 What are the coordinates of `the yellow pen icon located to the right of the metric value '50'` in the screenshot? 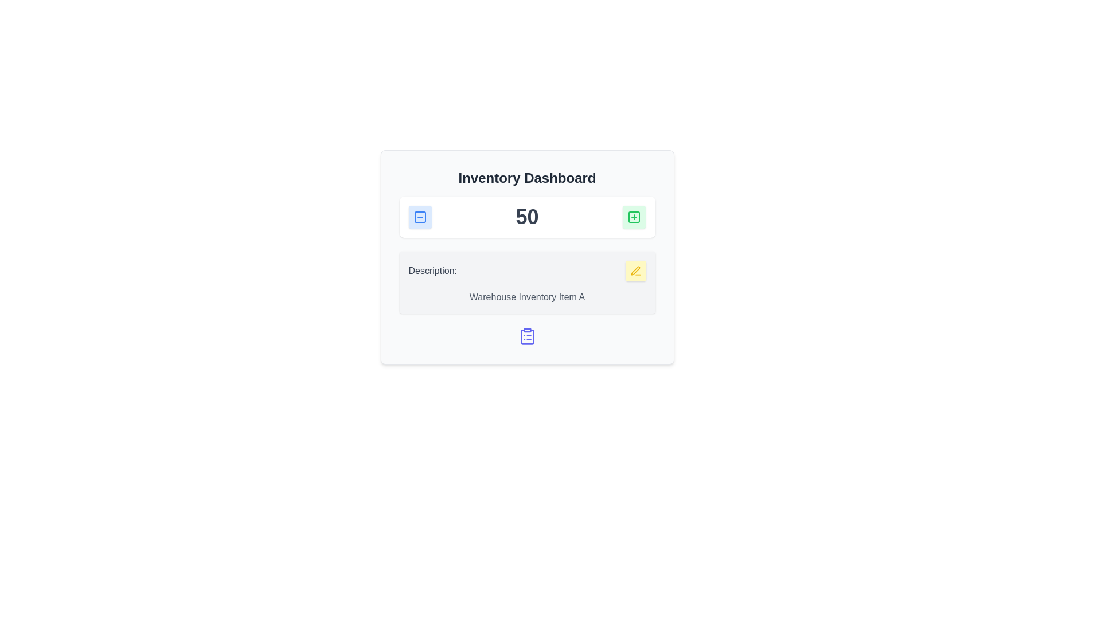 It's located at (635, 271).